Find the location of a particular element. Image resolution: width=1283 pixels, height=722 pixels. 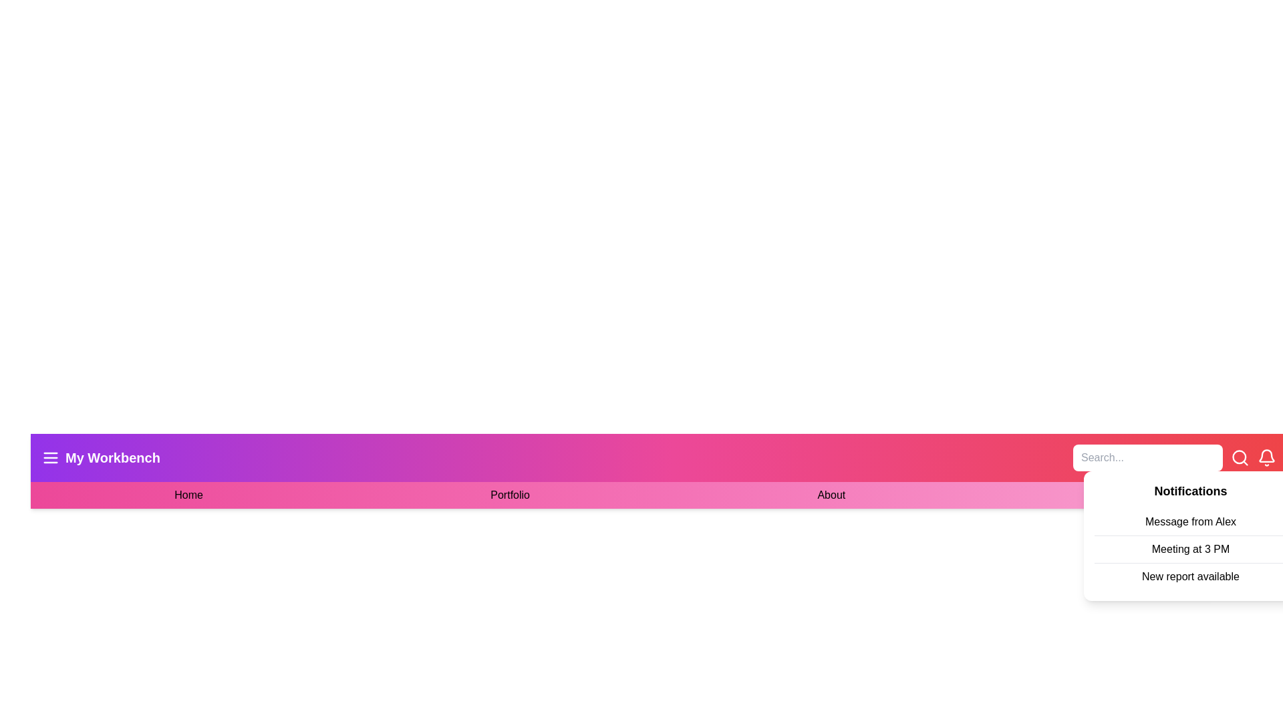

the 'Portfolio' text link in the horizontal navigation bar, which is the second item in a row of four links, styled with a hover effect that underlines the text is located at coordinates (509, 495).